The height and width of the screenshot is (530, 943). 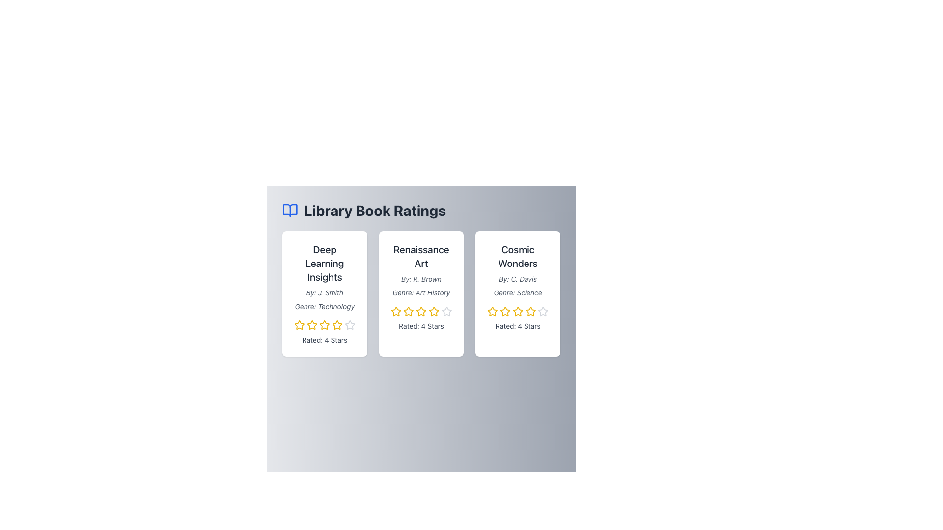 What do you see at coordinates (517, 256) in the screenshot?
I see `the text label that serves as the title of the book 'Cosmic Wonders' located at the top-center of the book card` at bounding box center [517, 256].